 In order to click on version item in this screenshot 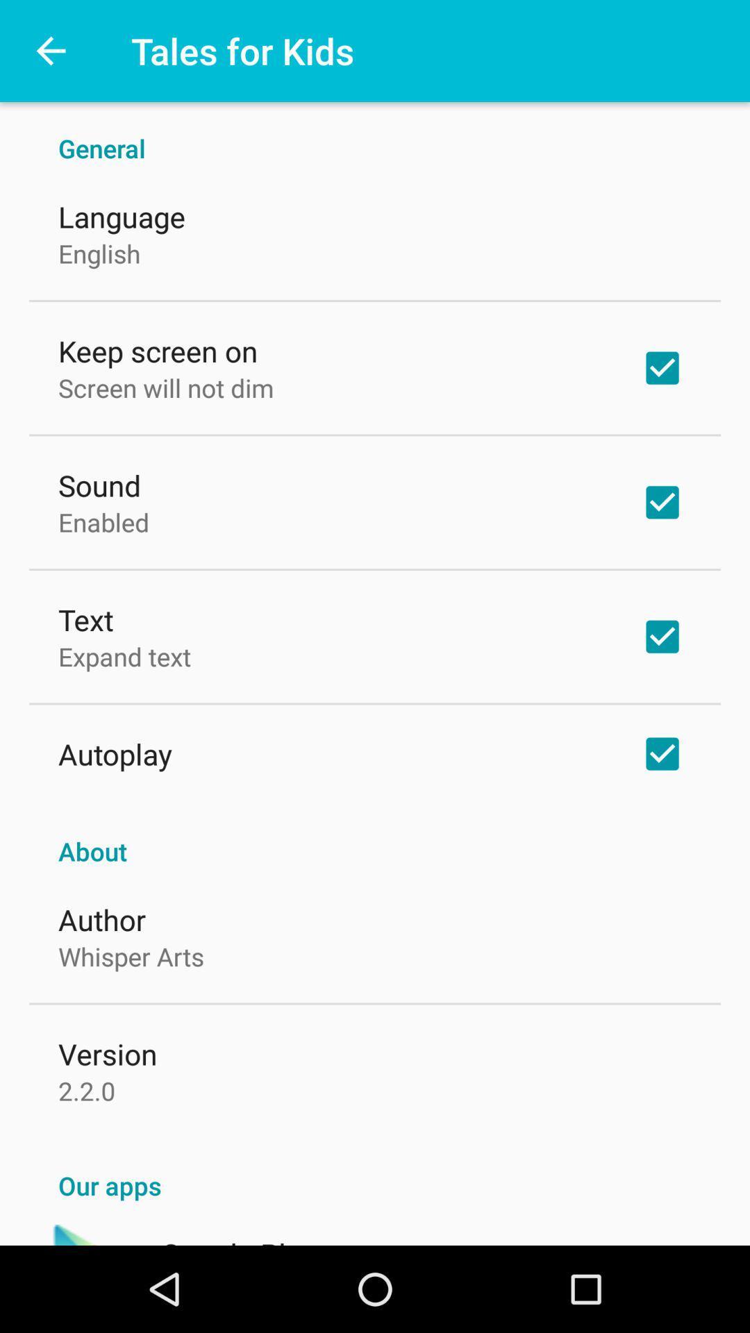, I will do `click(107, 1053)`.